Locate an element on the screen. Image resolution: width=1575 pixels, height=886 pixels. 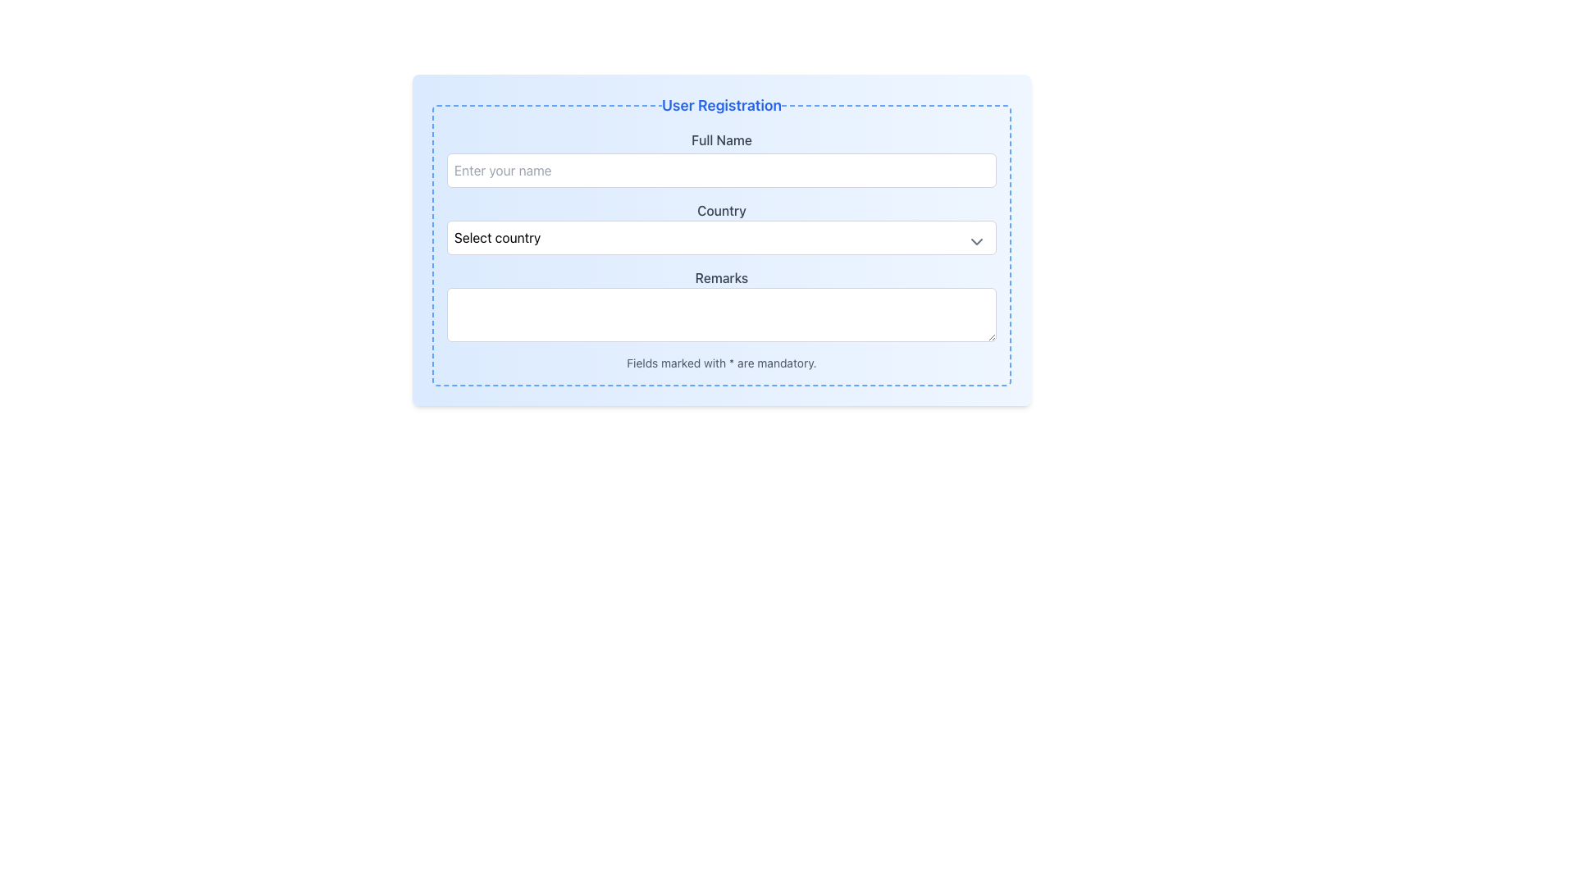
the Chevron Down icon located on the far-right side of the 'Select country' dropdown field is located at coordinates (976, 241).